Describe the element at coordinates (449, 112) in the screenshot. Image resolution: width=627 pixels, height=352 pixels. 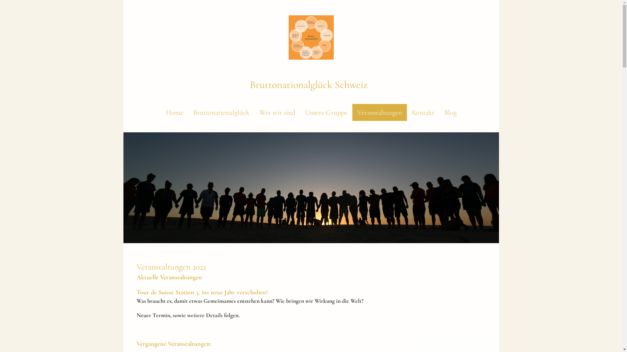
I see `'Blog'` at that location.